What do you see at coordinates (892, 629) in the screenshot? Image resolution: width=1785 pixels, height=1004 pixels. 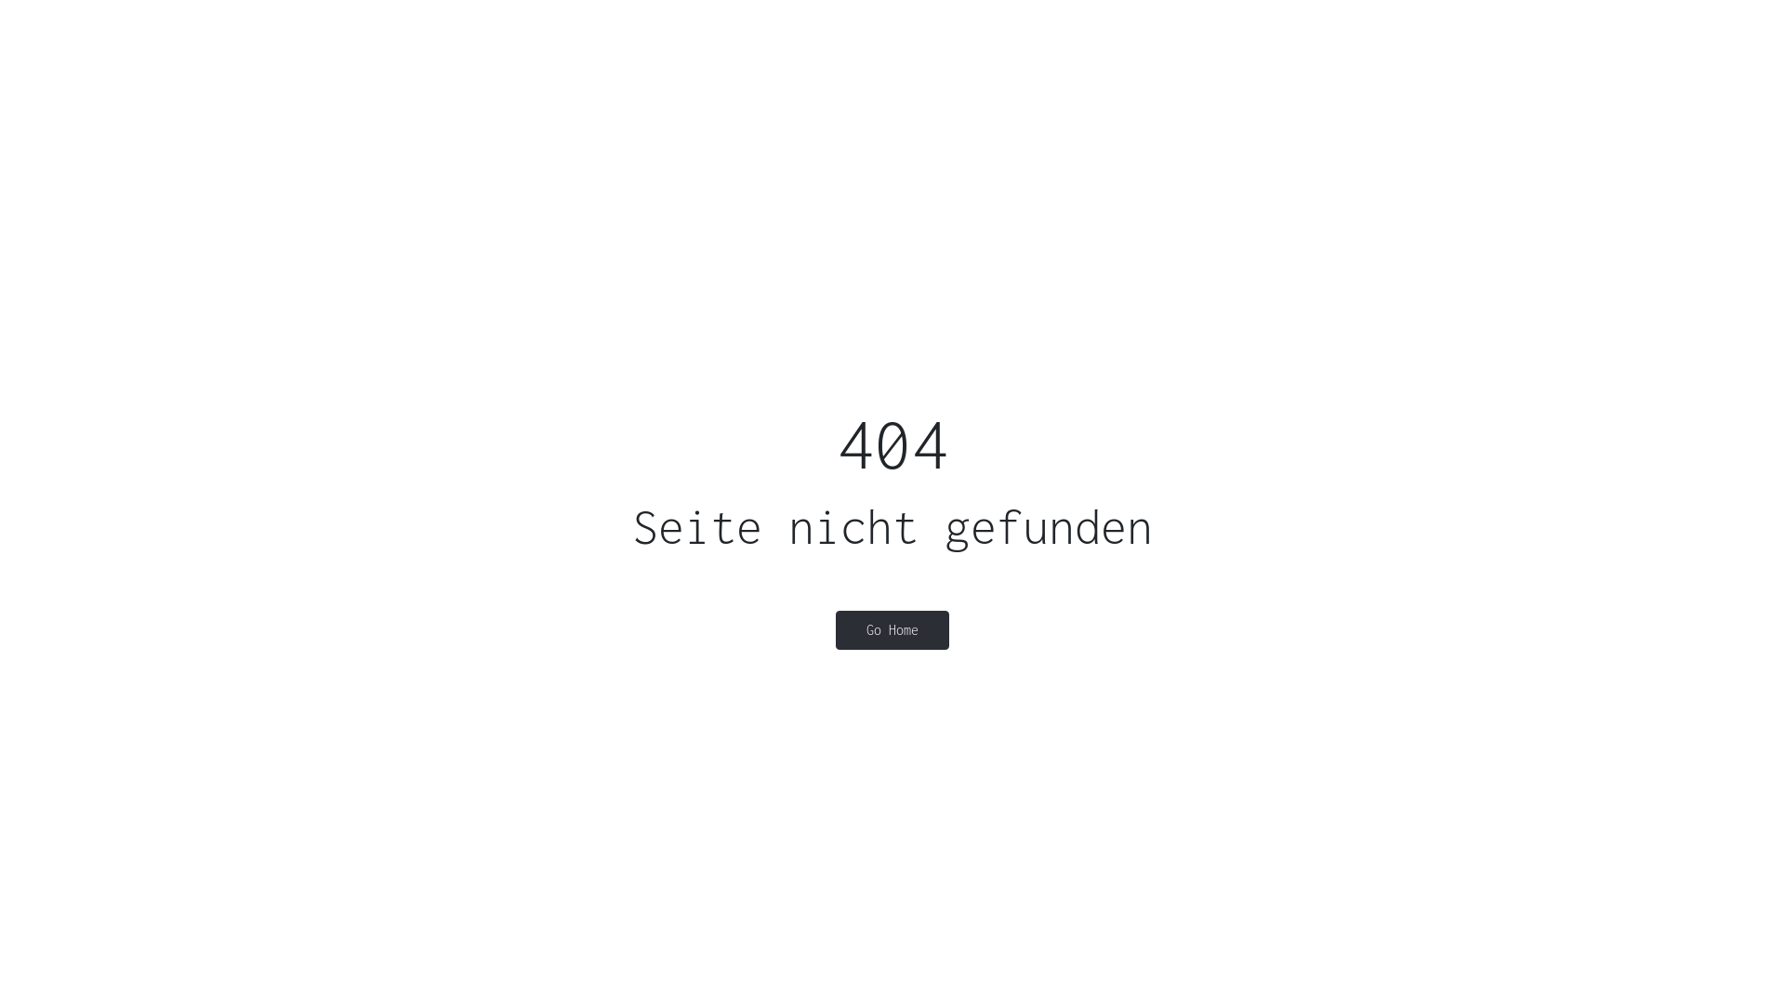 I see `'Go Home'` at bounding box center [892, 629].